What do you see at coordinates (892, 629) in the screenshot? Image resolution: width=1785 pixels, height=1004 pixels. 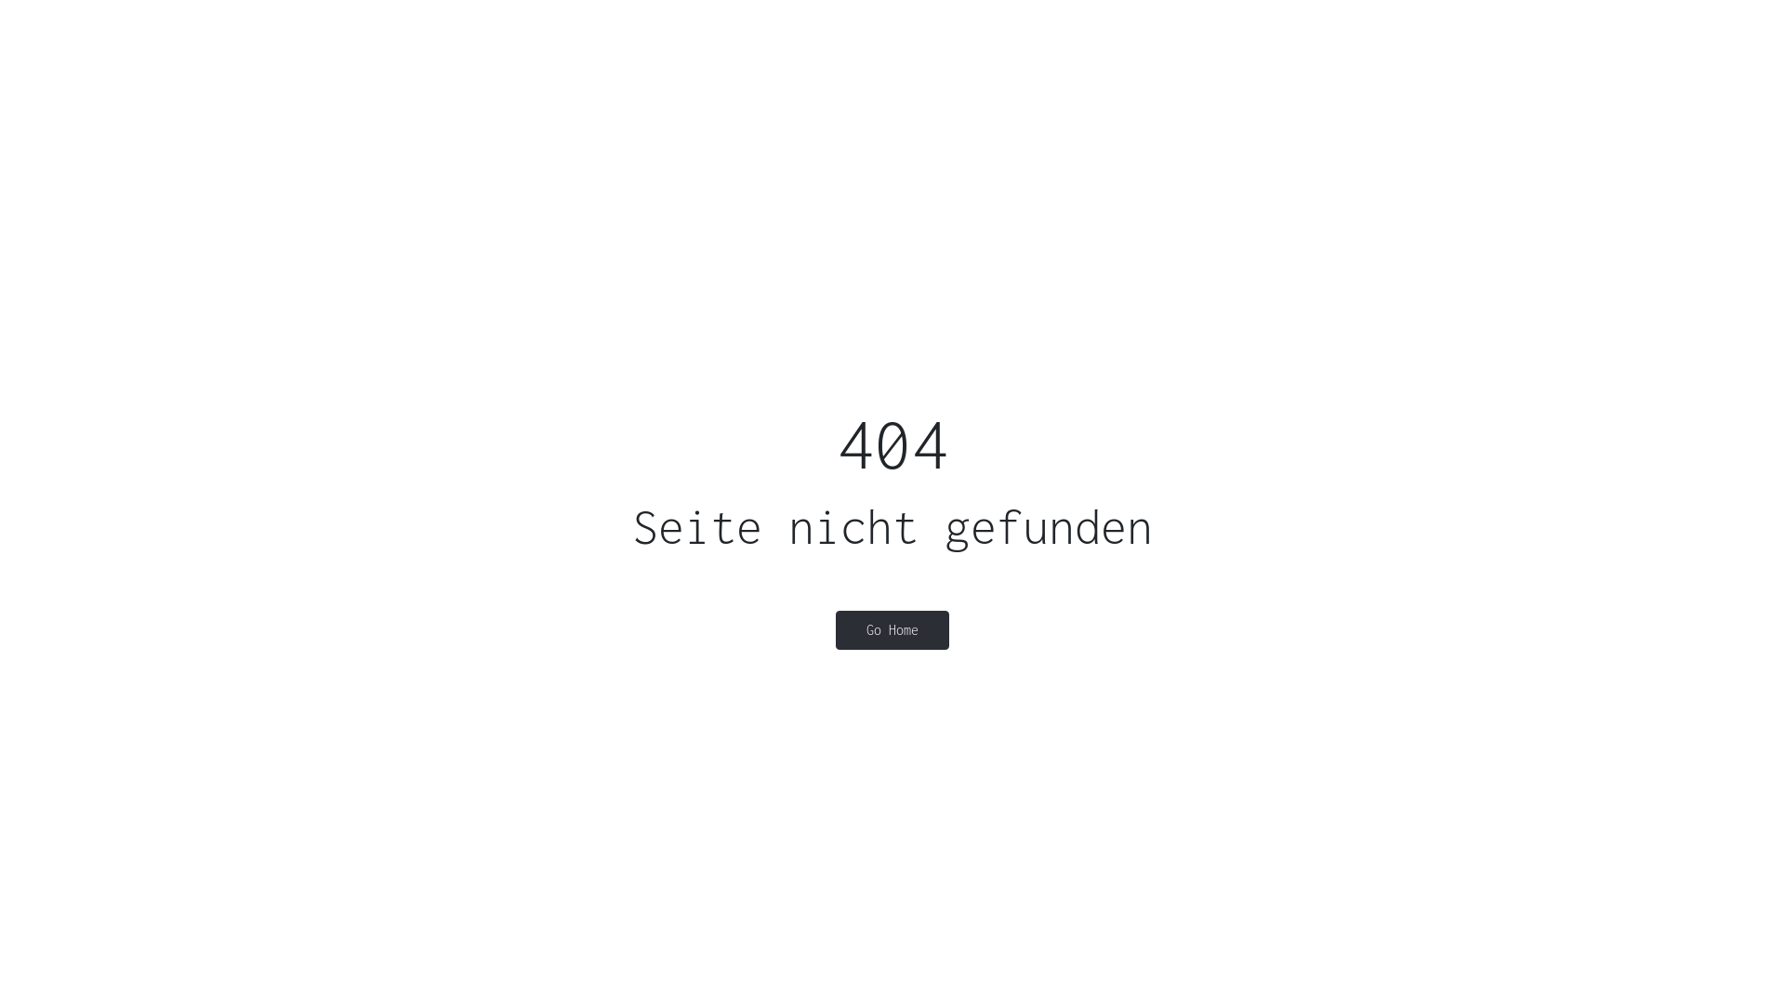 I see `'Go Home'` at bounding box center [892, 629].